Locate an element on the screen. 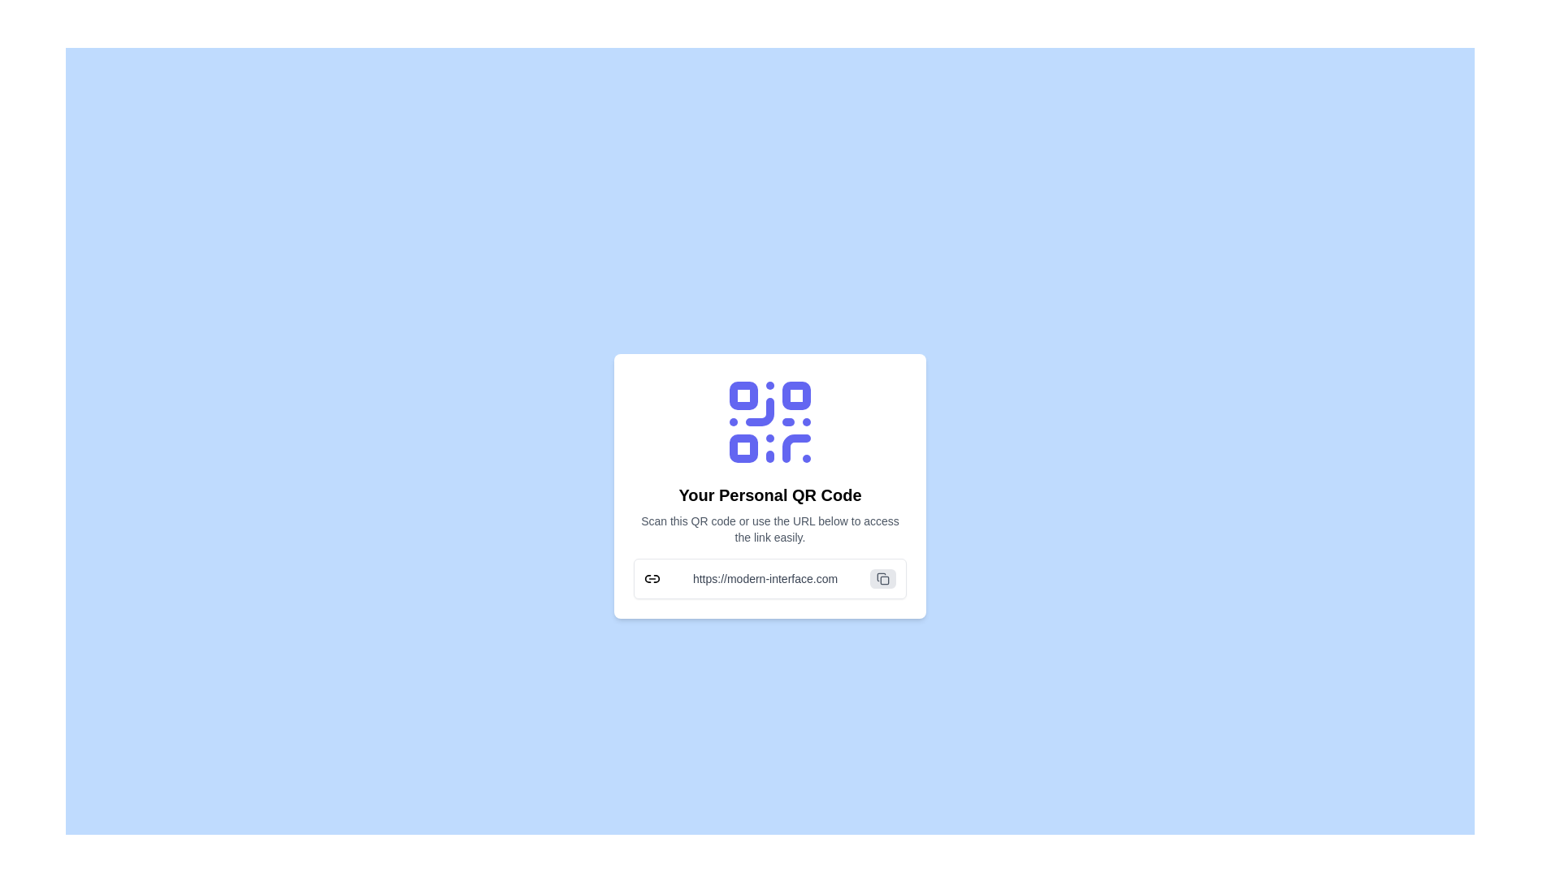 The width and height of the screenshot is (1560, 877). the icon that visually indicates the presence of a hyperlink, positioned to the left of the text 'https://modern-interface.com' is located at coordinates (652, 578).